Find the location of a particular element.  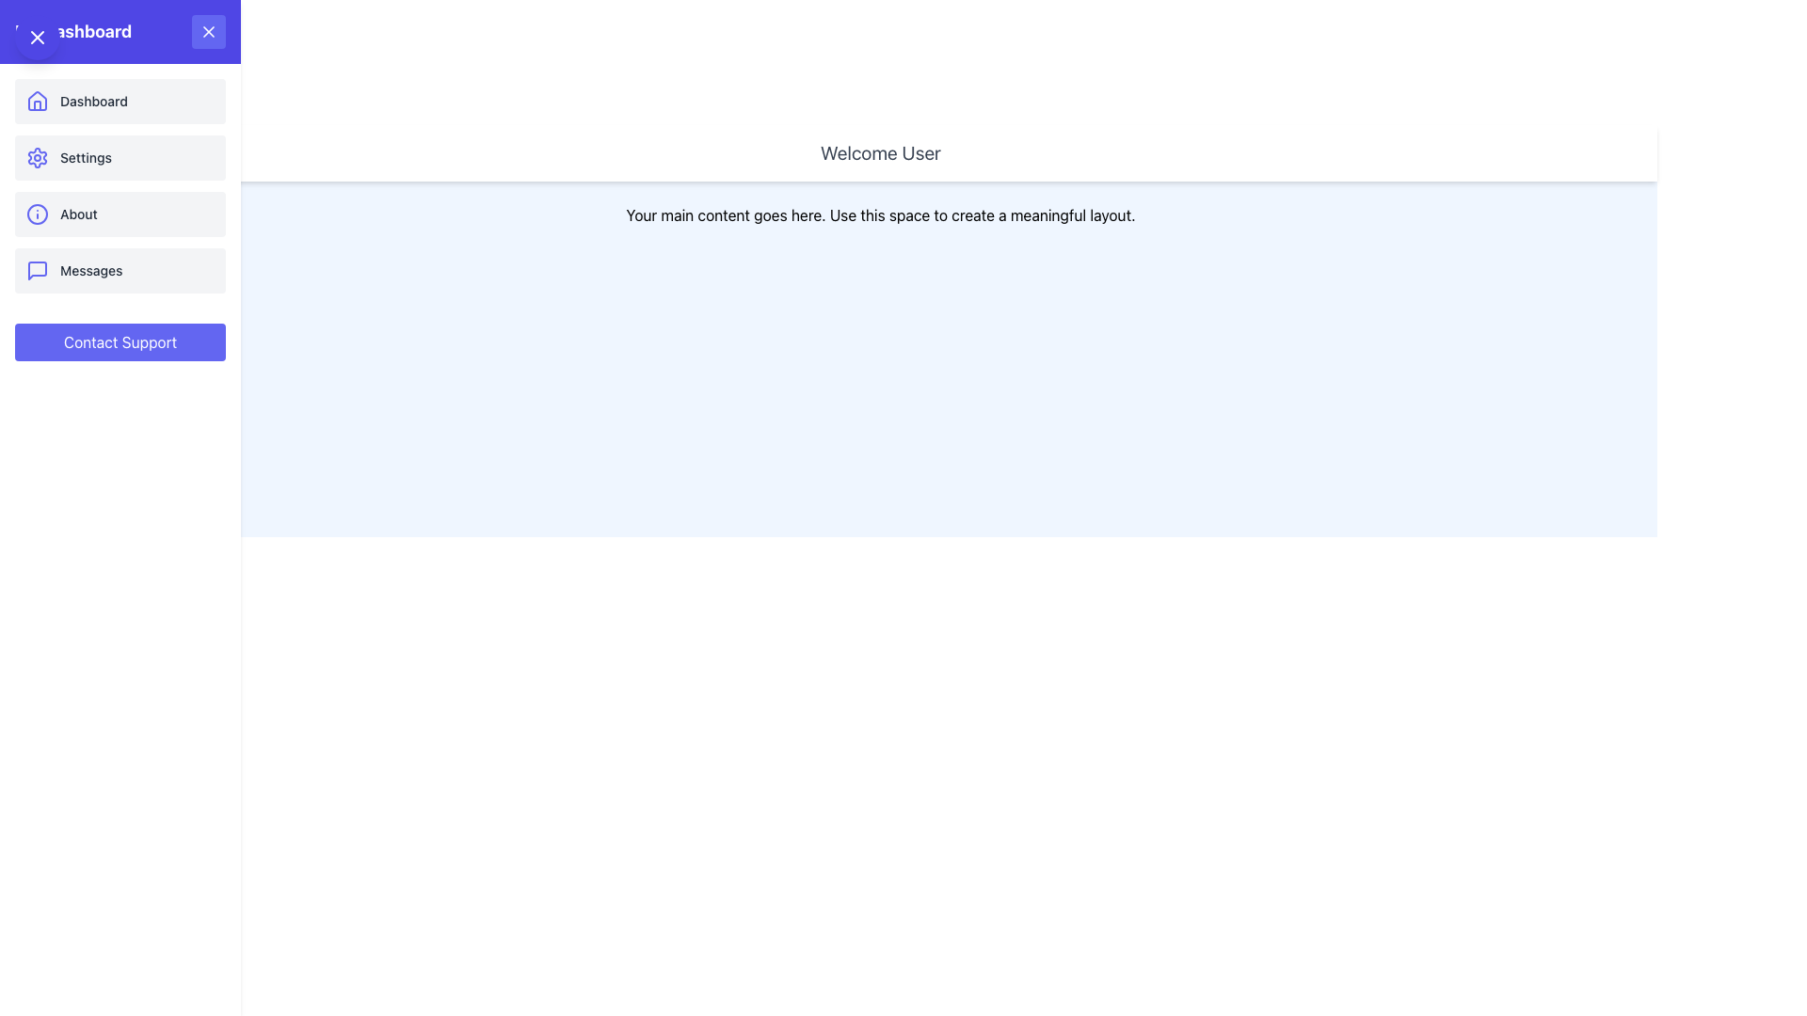

the 'Messages' icon in the sidebar navigation panel, which is located within the fourth item and is visually represented before the 'Messages' text is located at coordinates (37, 271).